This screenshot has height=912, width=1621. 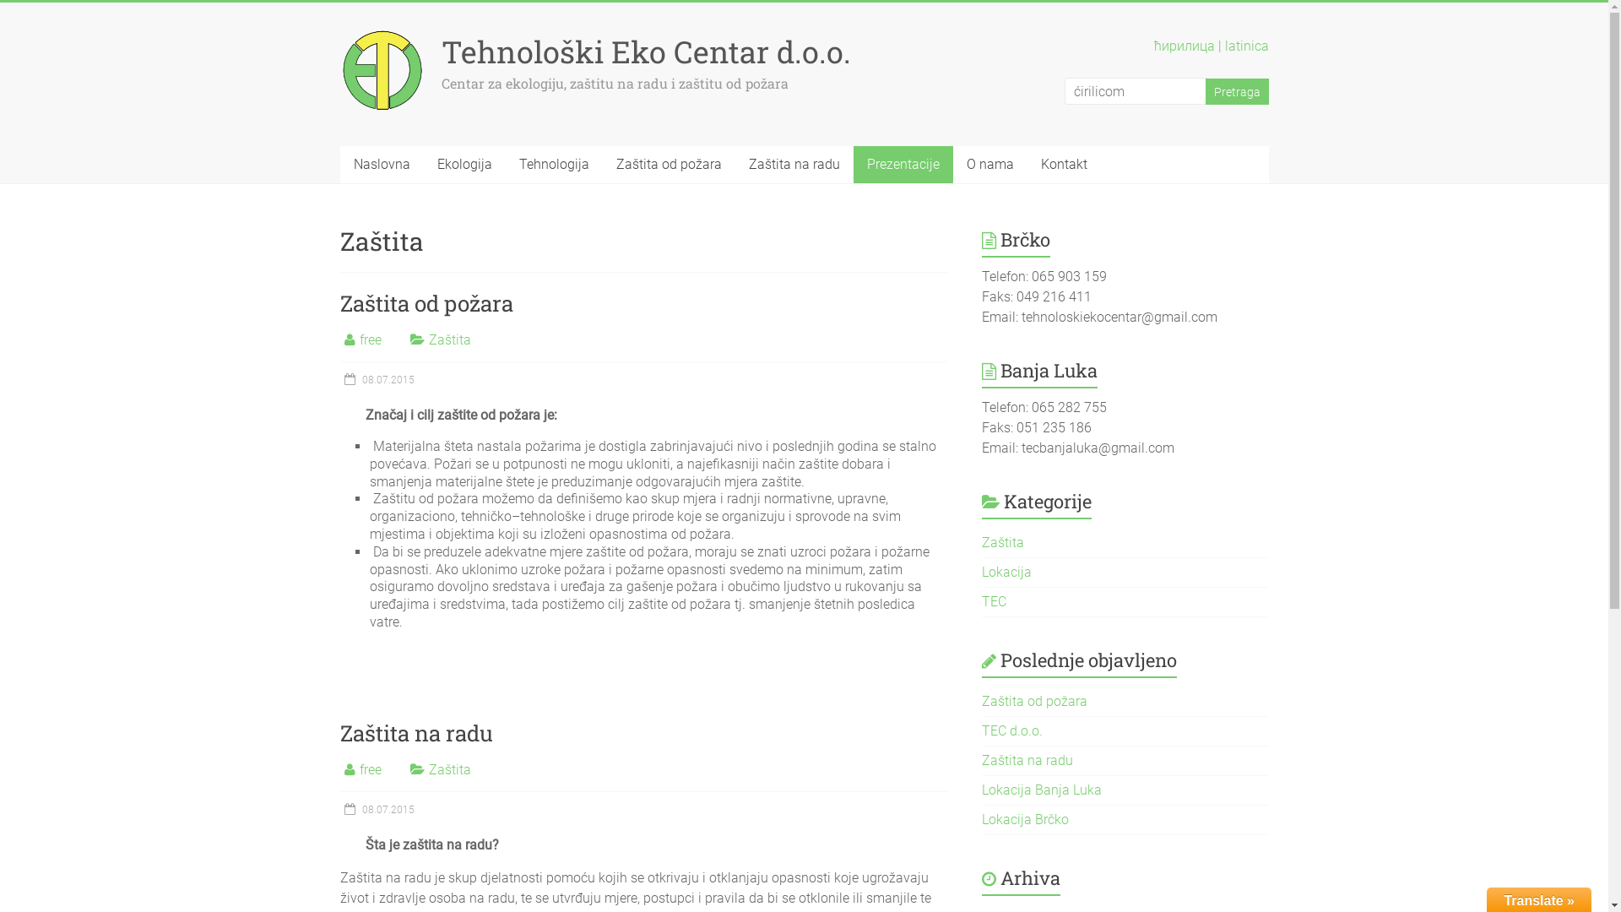 What do you see at coordinates (1062, 165) in the screenshot?
I see `'Kontakt'` at bounding box center [1062, 165].